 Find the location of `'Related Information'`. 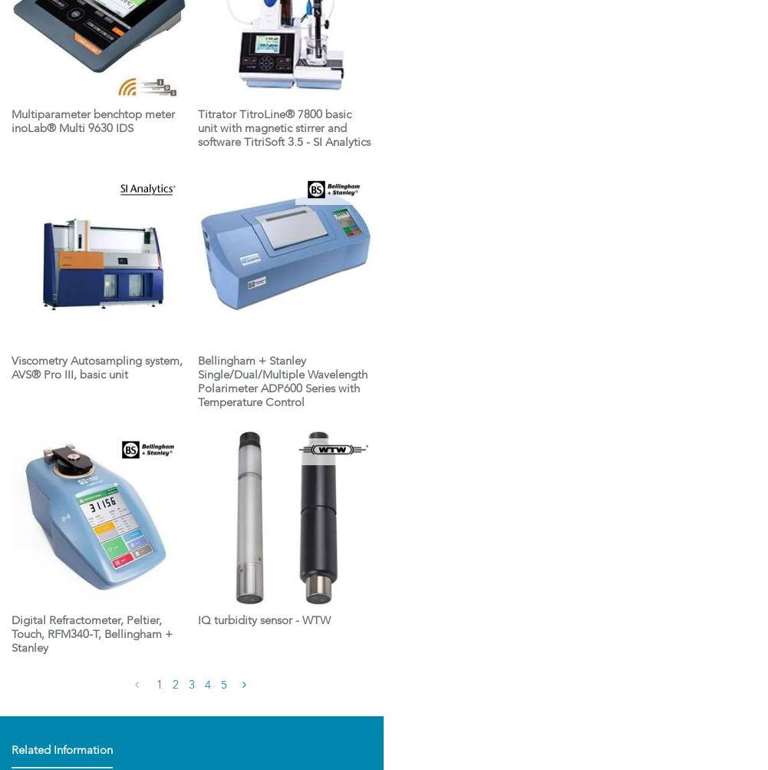

'Related Information' is located at coordinates (61, 750).